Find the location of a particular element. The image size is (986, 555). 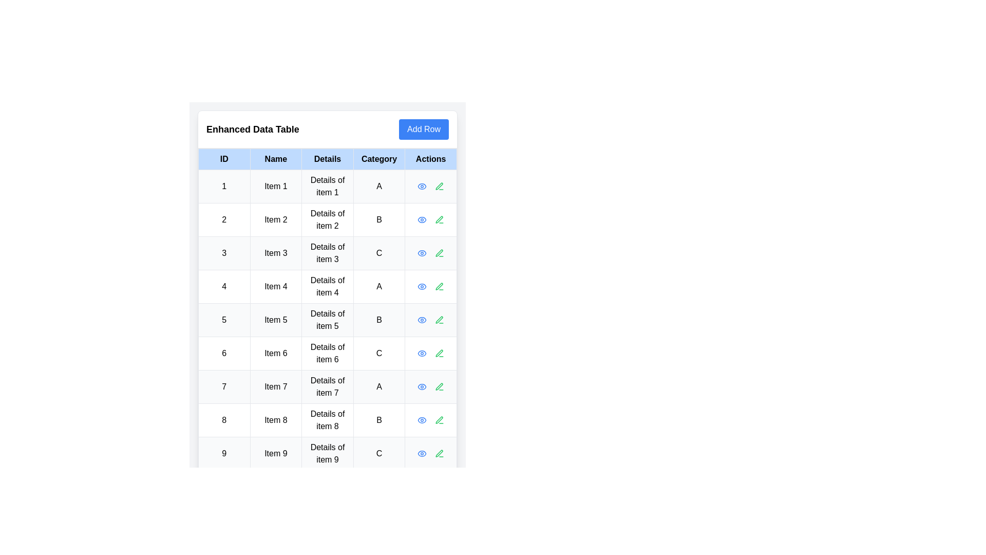

the ID cell in the first column of the fourth row of the data table to focus on the corresponding row is located at coordinates (223, 287).